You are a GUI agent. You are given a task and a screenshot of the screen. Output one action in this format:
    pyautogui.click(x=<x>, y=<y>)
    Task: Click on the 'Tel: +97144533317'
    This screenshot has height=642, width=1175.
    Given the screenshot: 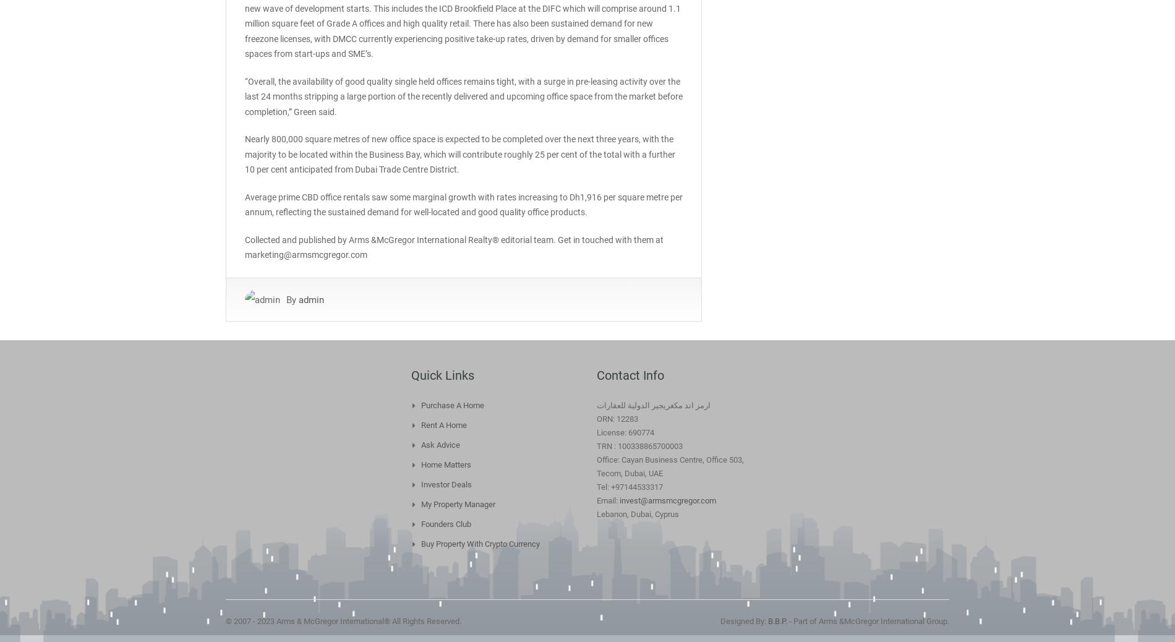 What is the action you would take?
    pyautogui.click(x=630, y=486)
    